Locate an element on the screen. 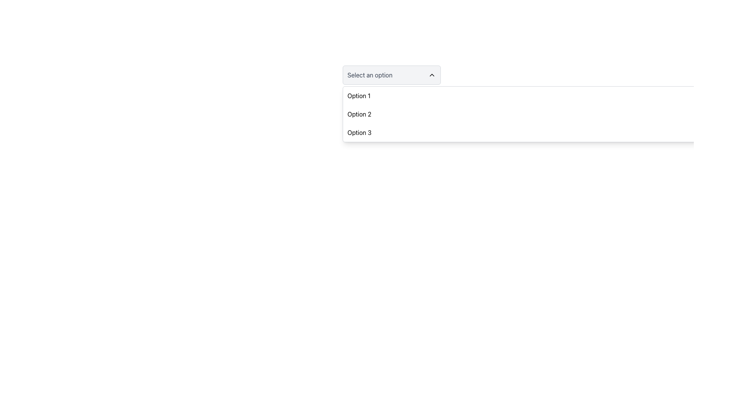  the static text label that displays 'Select an option' within the dropdown menu interface is located at coordinates (370, 75).